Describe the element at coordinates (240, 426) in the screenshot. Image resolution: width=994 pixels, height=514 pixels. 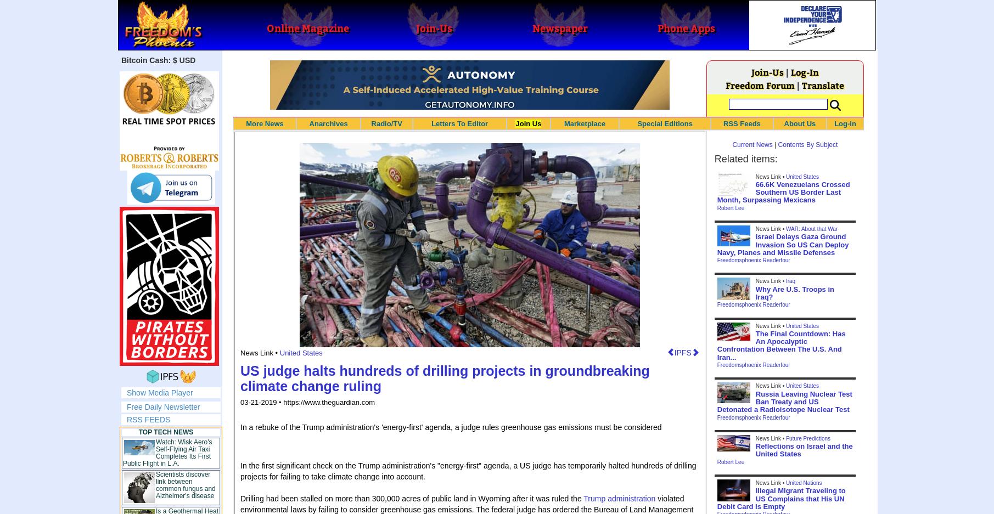
I see `'In a rebuke of the Trump administration's 'energy-first' agenda, a judge rules greenhouse gas emissions must be considered'` at that location.